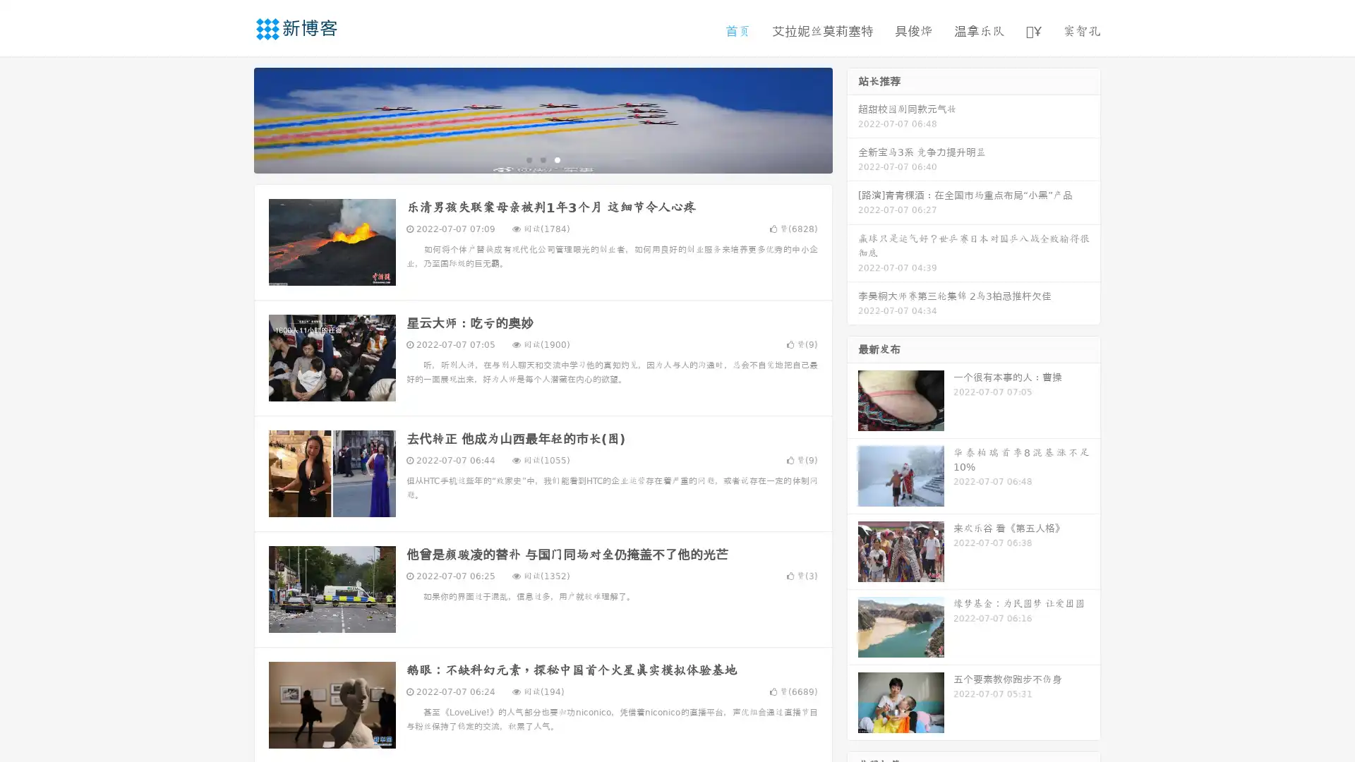 The height and width of the screenshot is (762, 1355). I want to click on Go to slide 1, so click(528, 159).